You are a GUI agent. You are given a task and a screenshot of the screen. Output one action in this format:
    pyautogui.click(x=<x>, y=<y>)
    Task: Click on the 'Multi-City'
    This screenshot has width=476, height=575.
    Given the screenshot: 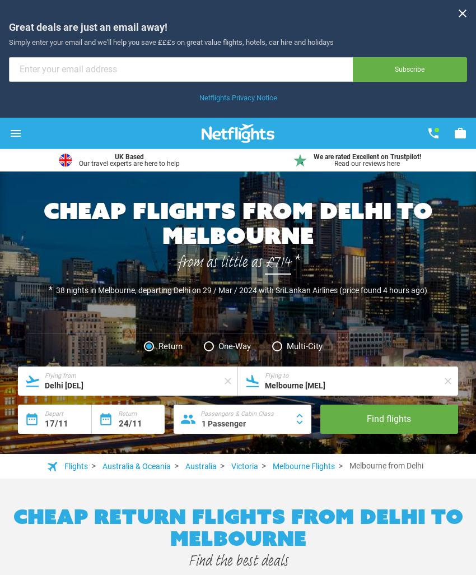 What is the action you would take?
    pyautogui.click(x=303, y=346)
    